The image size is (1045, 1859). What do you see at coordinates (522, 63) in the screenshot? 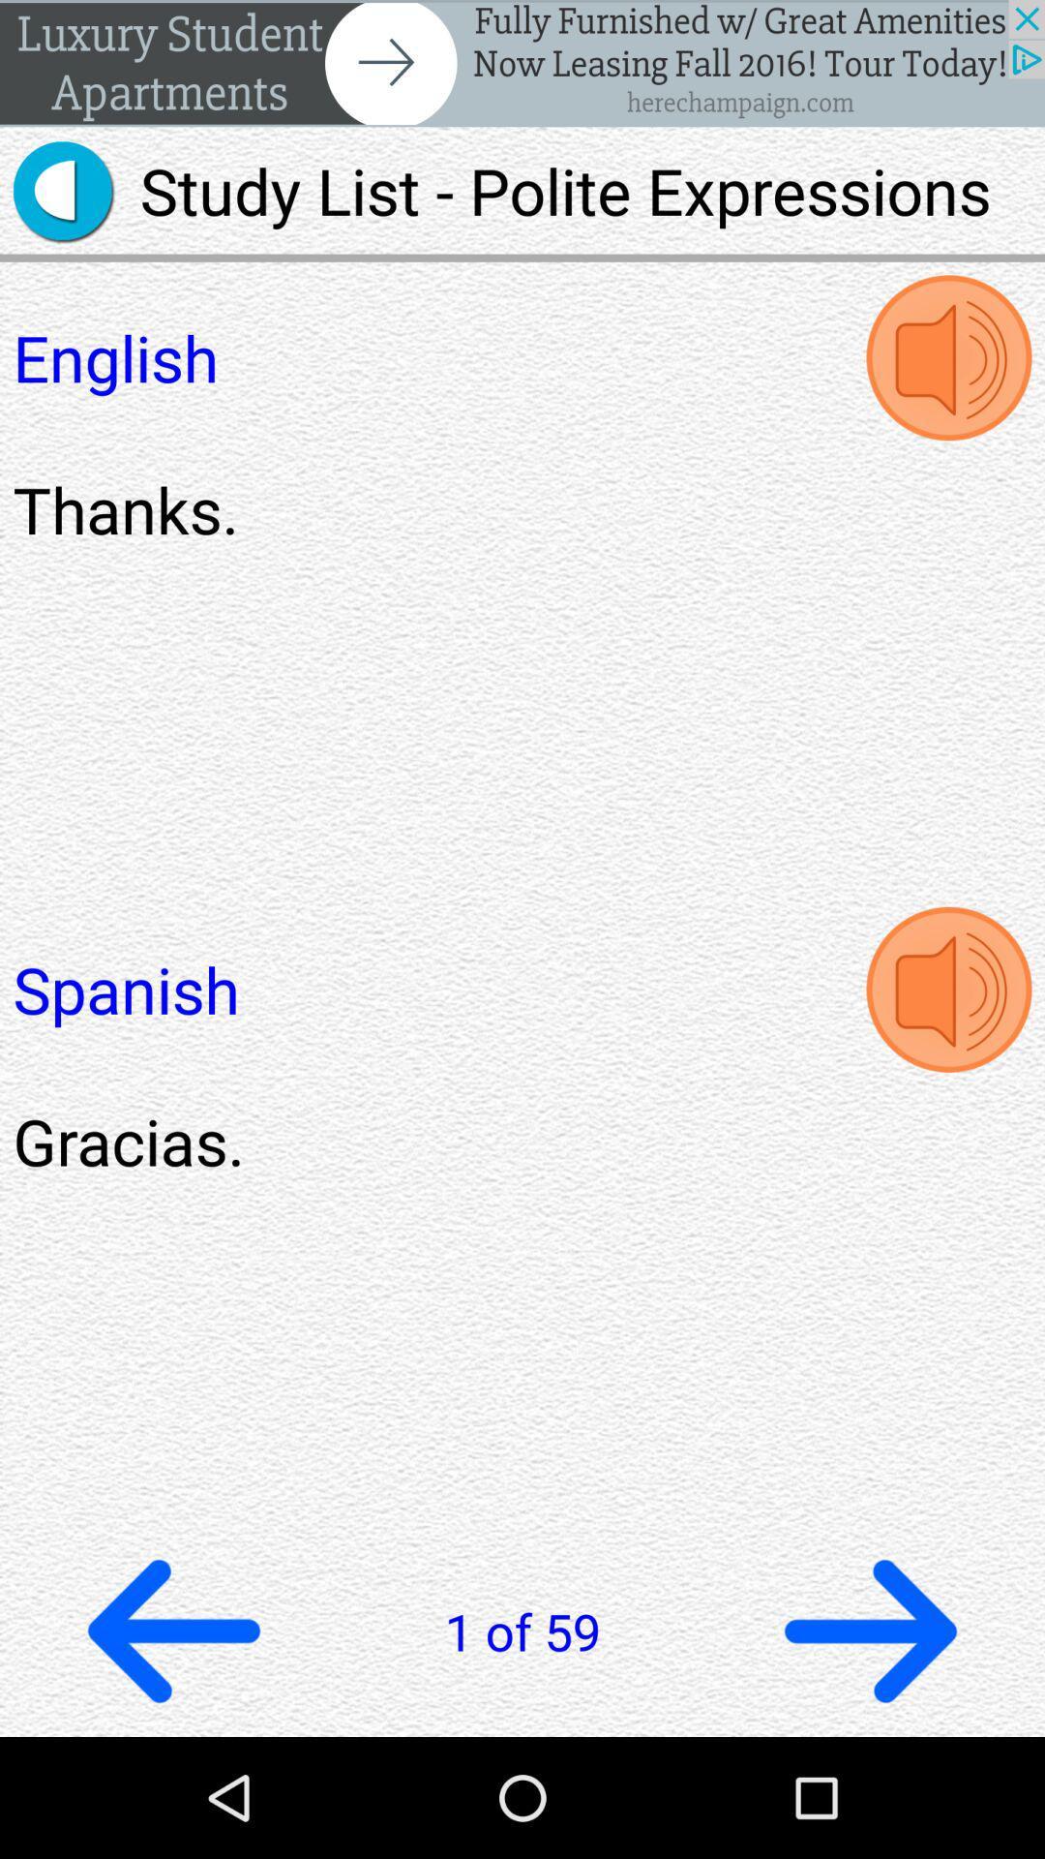
I see `header advertisement window` at bounding box center [522, 63].